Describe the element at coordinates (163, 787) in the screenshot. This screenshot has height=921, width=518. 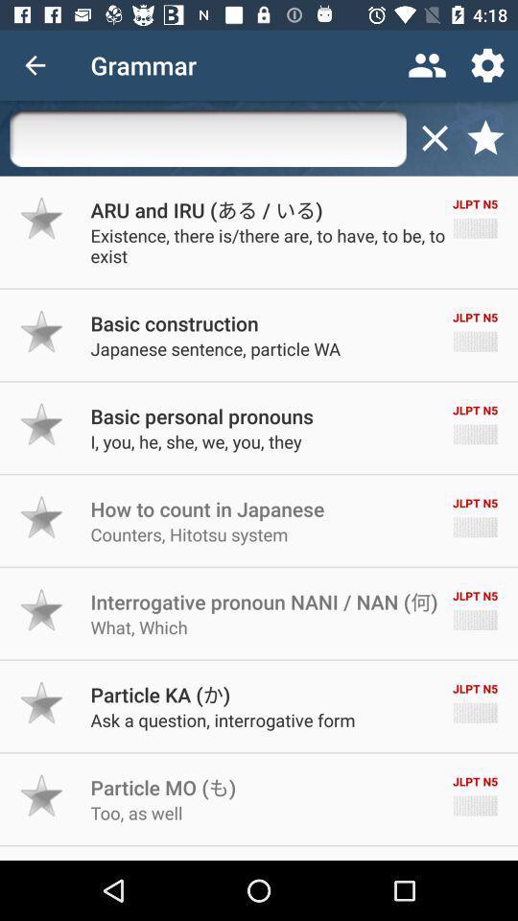
I see `the icon below ask a question icon` at that location.